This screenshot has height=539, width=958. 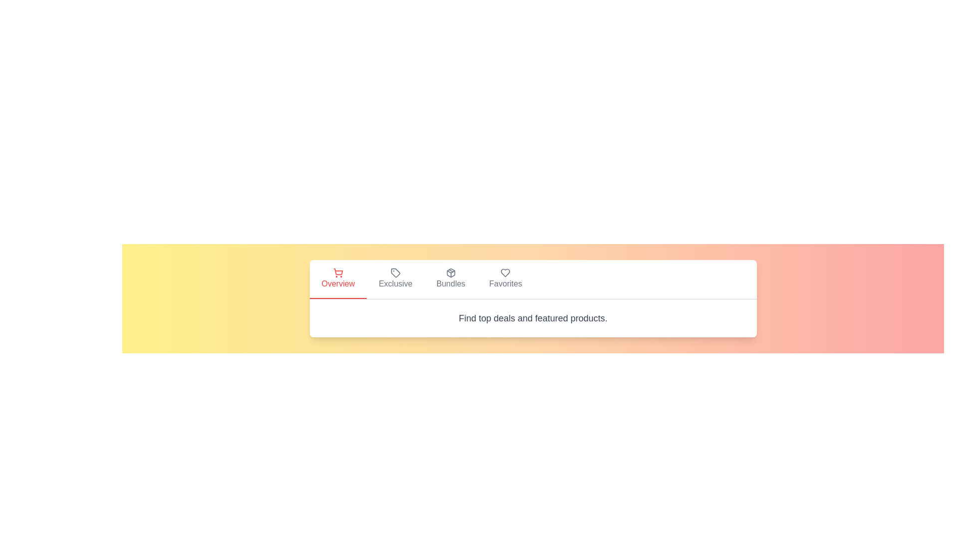 What do you see at coordinates (450, 279) in the screenshot?
I see `the tab labeled Bundles to observe visual feedback` at bounding box center [450, 279].